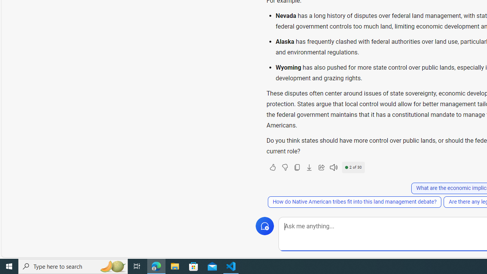 This screenshot has width=487, height=274. Describe the element at coordinates (309, 167) in the screenshot. I see `'Export'` at that location.